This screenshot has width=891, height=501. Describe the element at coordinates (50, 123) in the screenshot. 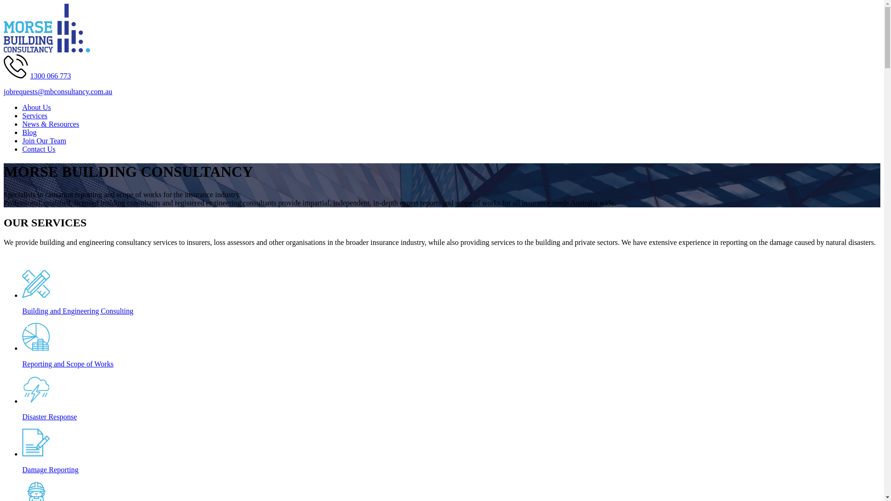

I see `'News & Resources'` at that location.